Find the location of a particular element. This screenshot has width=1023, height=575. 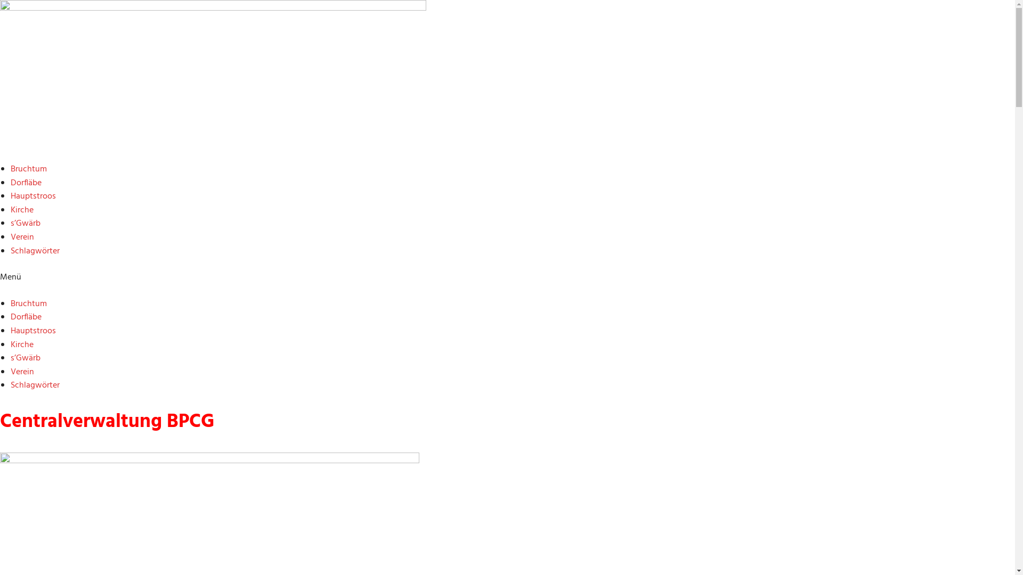

'Kirche' is located at coordinates (22, 210).